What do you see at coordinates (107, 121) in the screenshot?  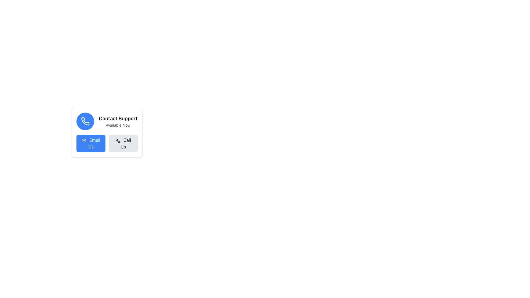 I see `the Information Display element that shows support availability and includes a phone icon, located at the top of the panel above the 'Email Us' and 'Call Us' buttons` at bounding box center [107, 121].